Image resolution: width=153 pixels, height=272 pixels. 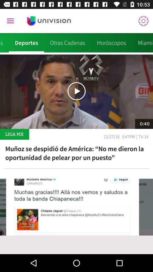 What do you see at coordinates (10, 21) in the screenshot?
I see `icon above deportes item` at bounding box center [10, 21].